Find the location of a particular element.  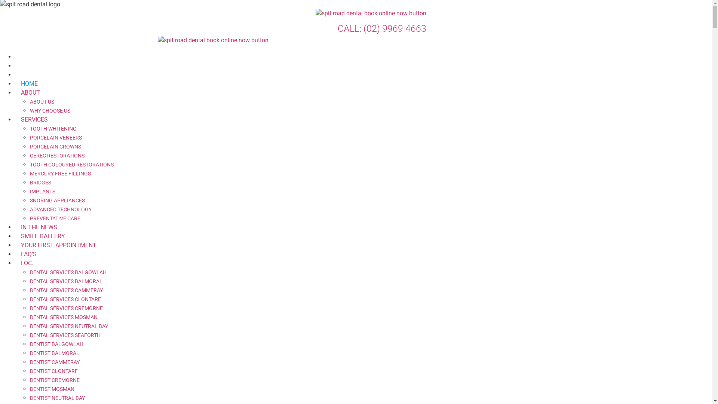

'SNORING APPLIANCES' is located at coordinates (57, 200).